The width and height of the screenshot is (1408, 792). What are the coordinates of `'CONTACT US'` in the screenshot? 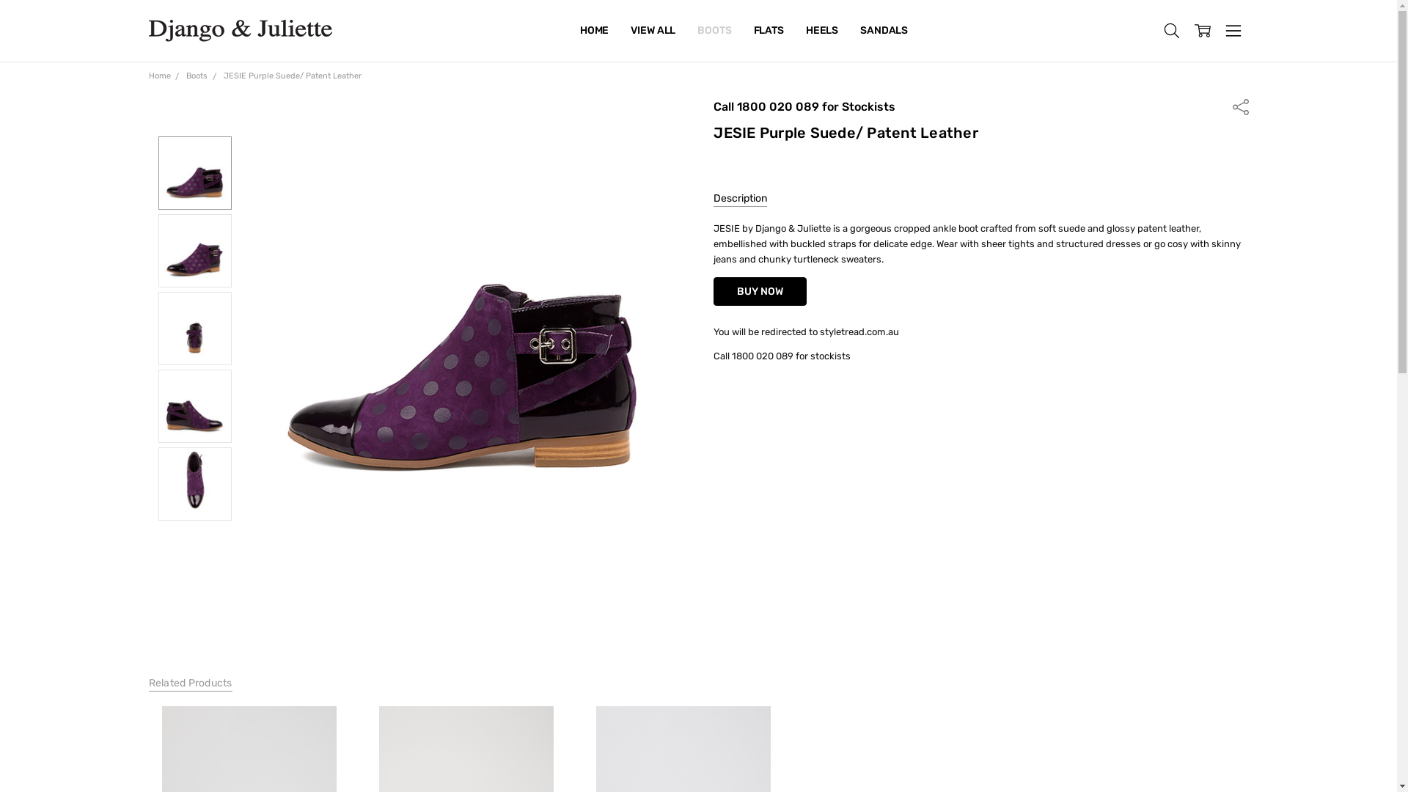 It's located at (612, 31).